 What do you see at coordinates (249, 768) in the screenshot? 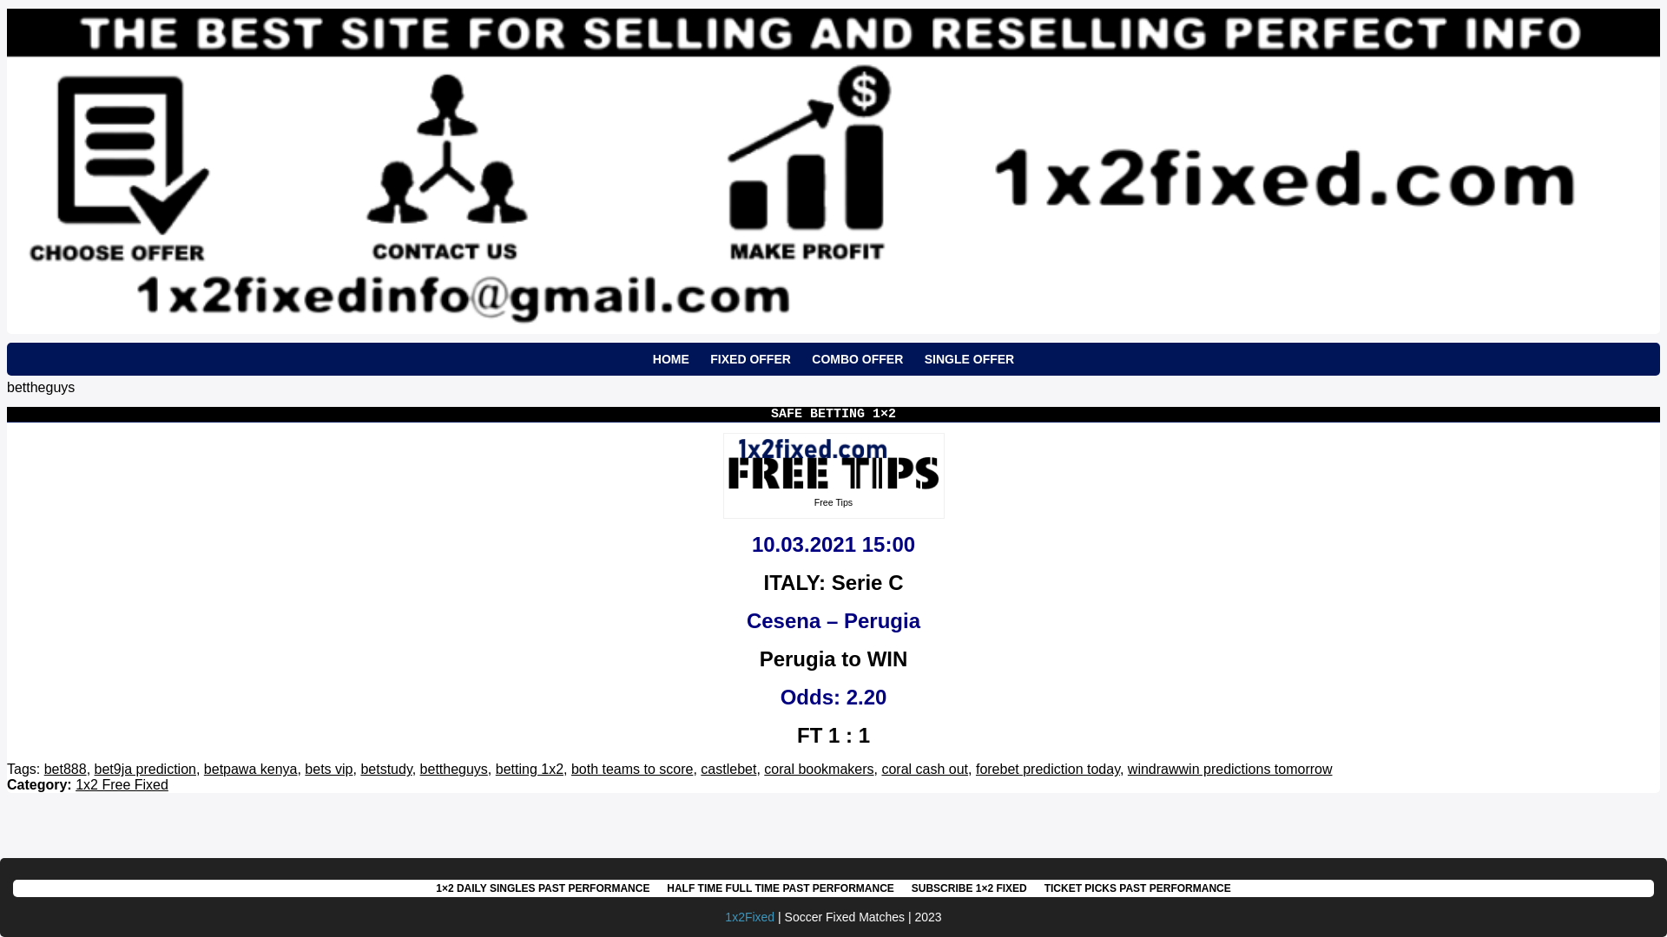
I see `'betpawa kenya'` at bounding box center [249, 768].